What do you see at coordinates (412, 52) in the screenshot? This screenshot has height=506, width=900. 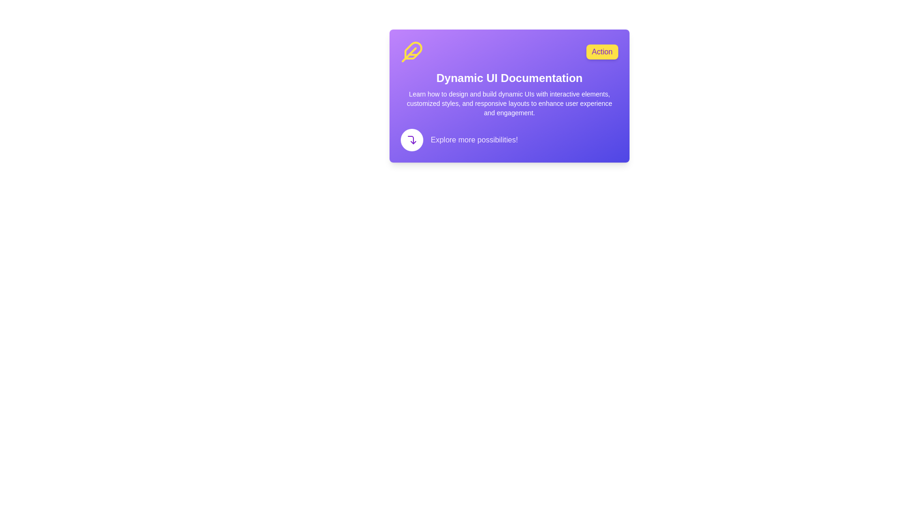 I see `the yellow feather icon located on the purple card titled 'Dynamic UI Documentation', positioned leftmost in the row with the 'Action' button` at bounding box center [412, 52].